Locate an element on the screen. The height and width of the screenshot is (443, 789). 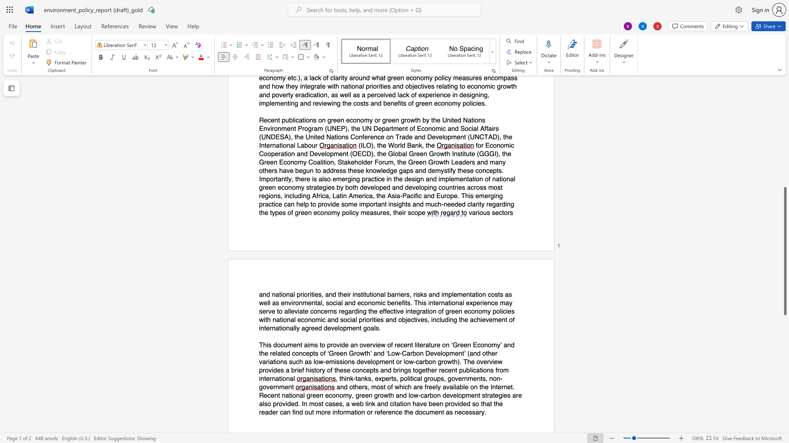
the vertical scrollbar to raise the page content is located at coordinates (784, 106).